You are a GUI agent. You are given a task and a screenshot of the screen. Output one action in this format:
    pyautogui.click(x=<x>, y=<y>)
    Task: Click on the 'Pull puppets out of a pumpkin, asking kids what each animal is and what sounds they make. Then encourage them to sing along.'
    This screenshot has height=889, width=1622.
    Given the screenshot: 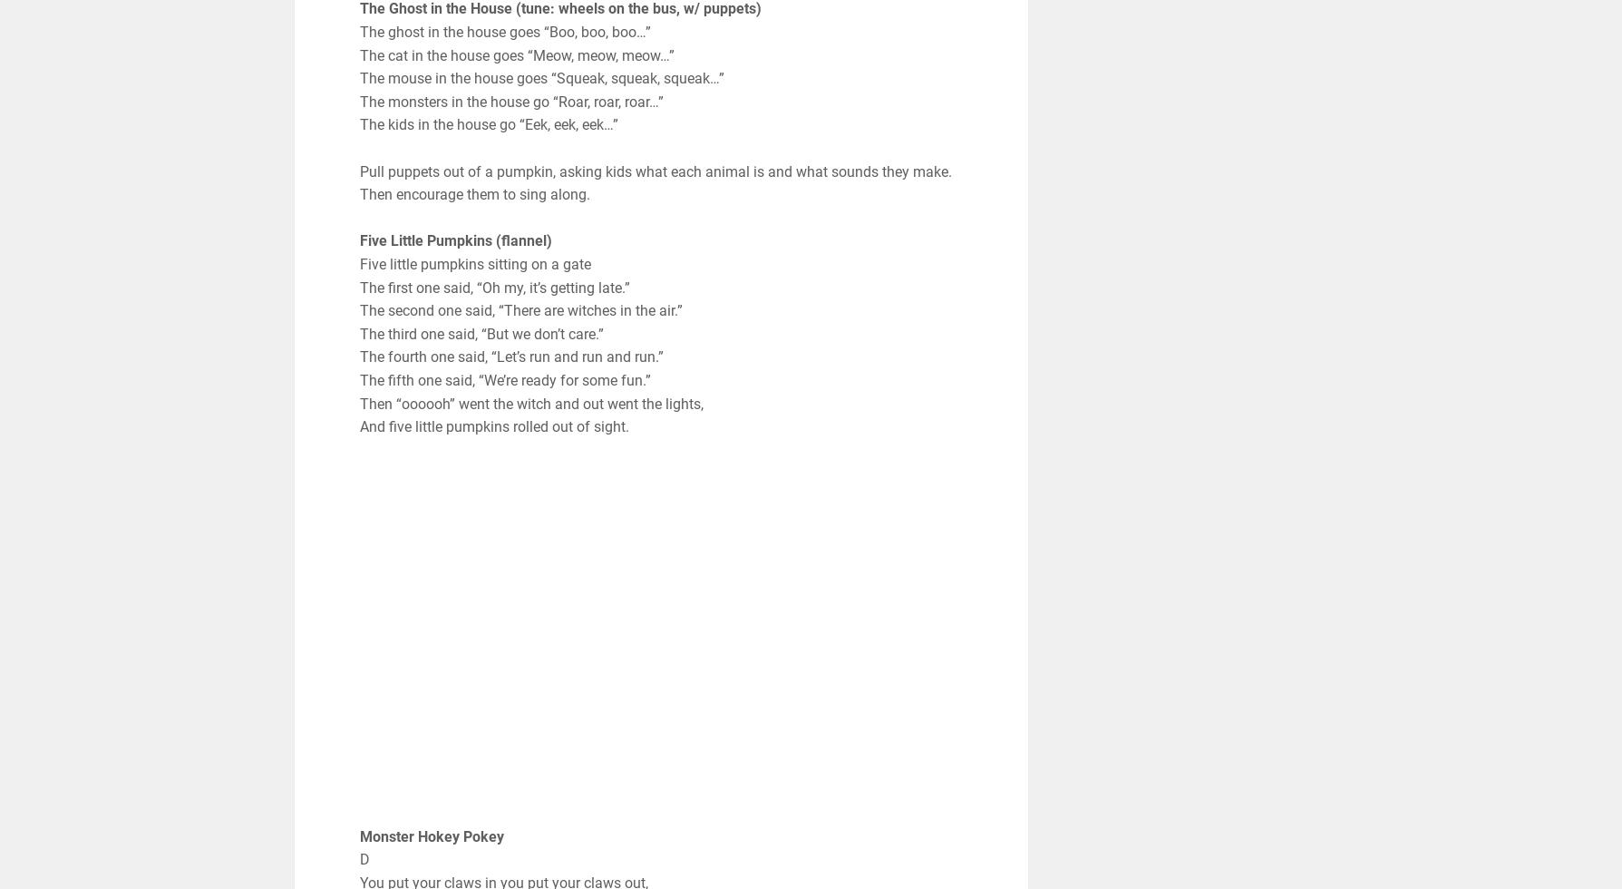 What is the action you would take?
    pyautogui.click(x=655, y=182)
    